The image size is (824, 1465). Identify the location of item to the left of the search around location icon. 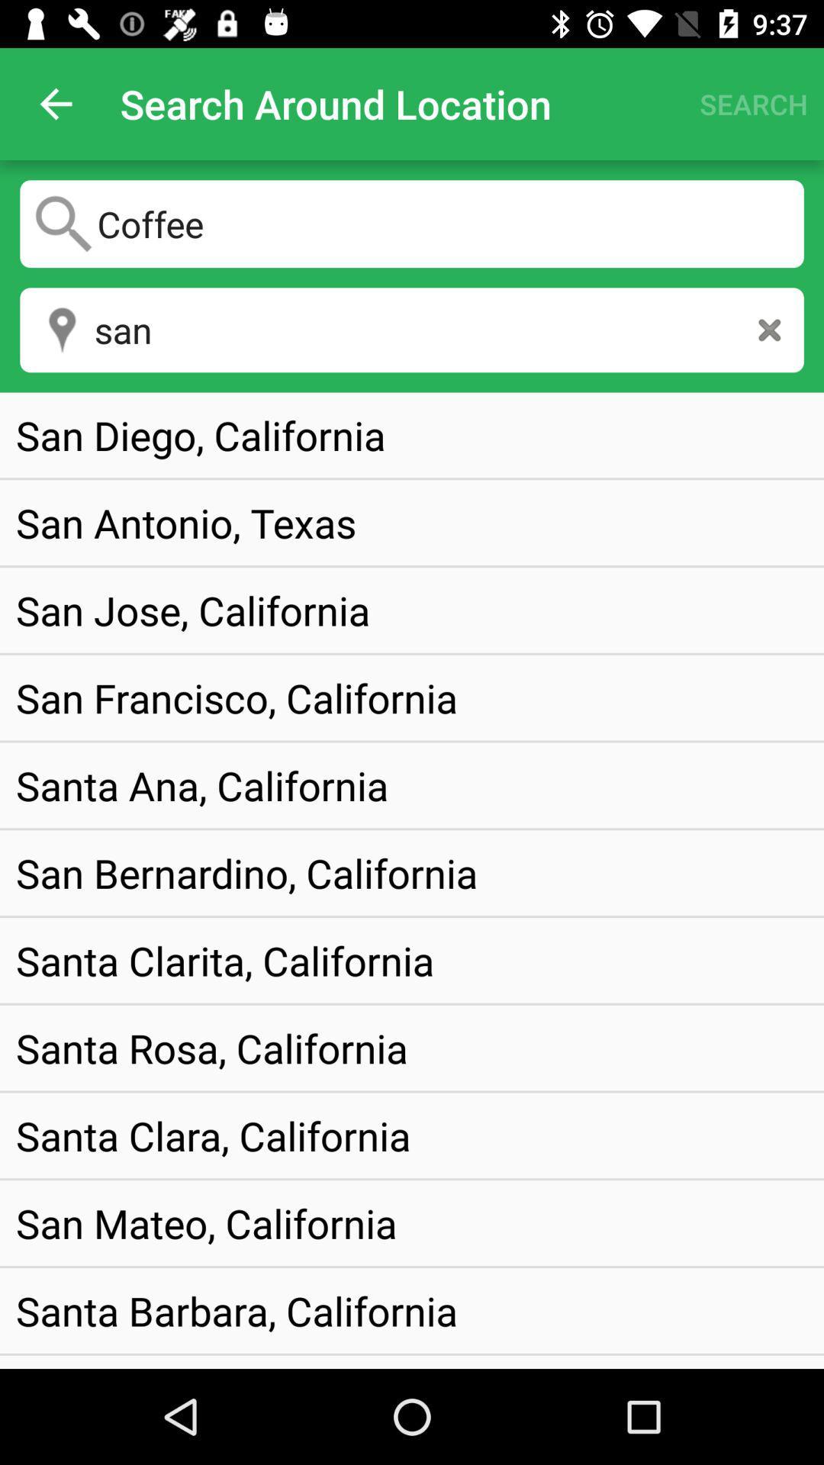
(55, 103).